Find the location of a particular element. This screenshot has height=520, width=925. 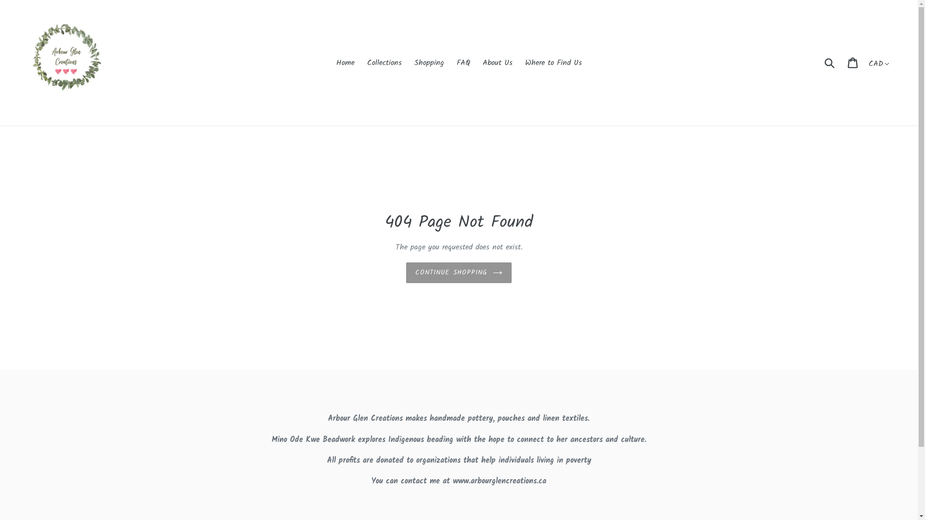

'Submit' is located at coordinates (830, 63).